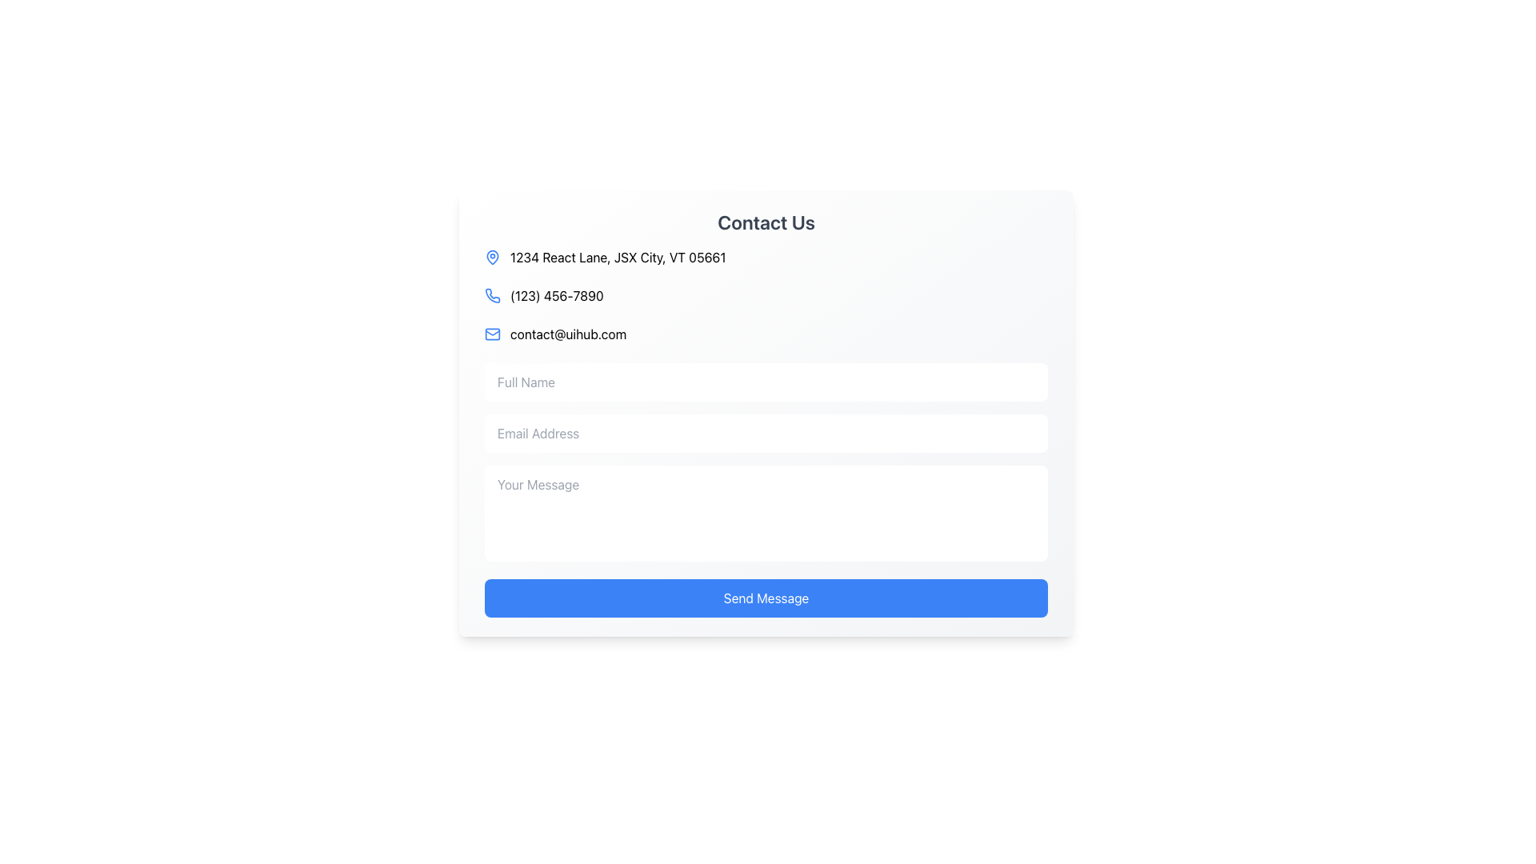  I want to click on the text label displaying the organization's contact email address, which is located in the third row of the contact details list, so click(568, 333).